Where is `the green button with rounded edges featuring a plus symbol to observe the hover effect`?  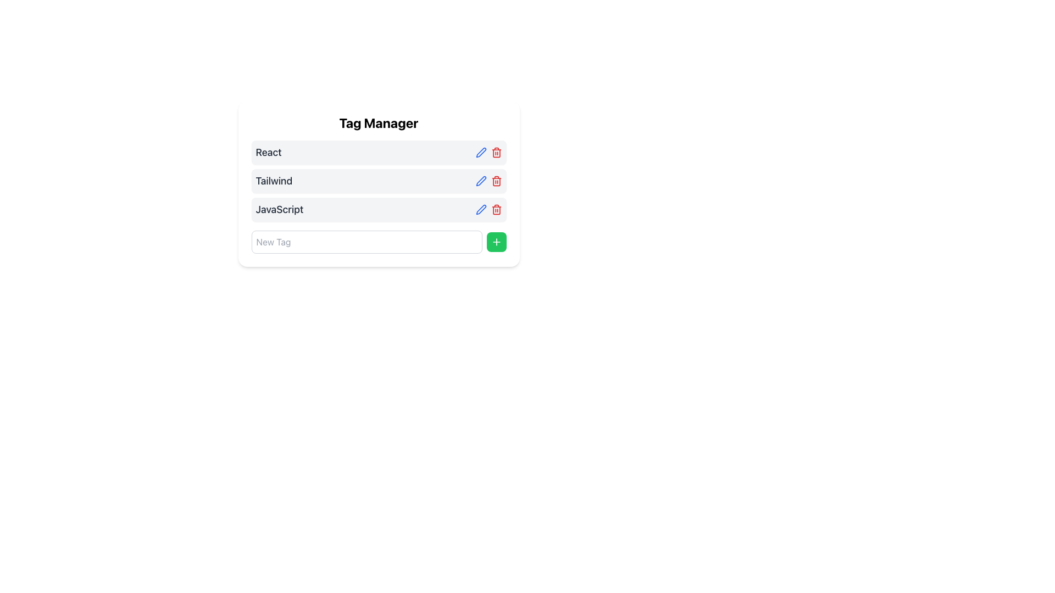
the green button with rounded edges featuring a plus symbol to observe the hover effect is located at coordinates (496, 241).